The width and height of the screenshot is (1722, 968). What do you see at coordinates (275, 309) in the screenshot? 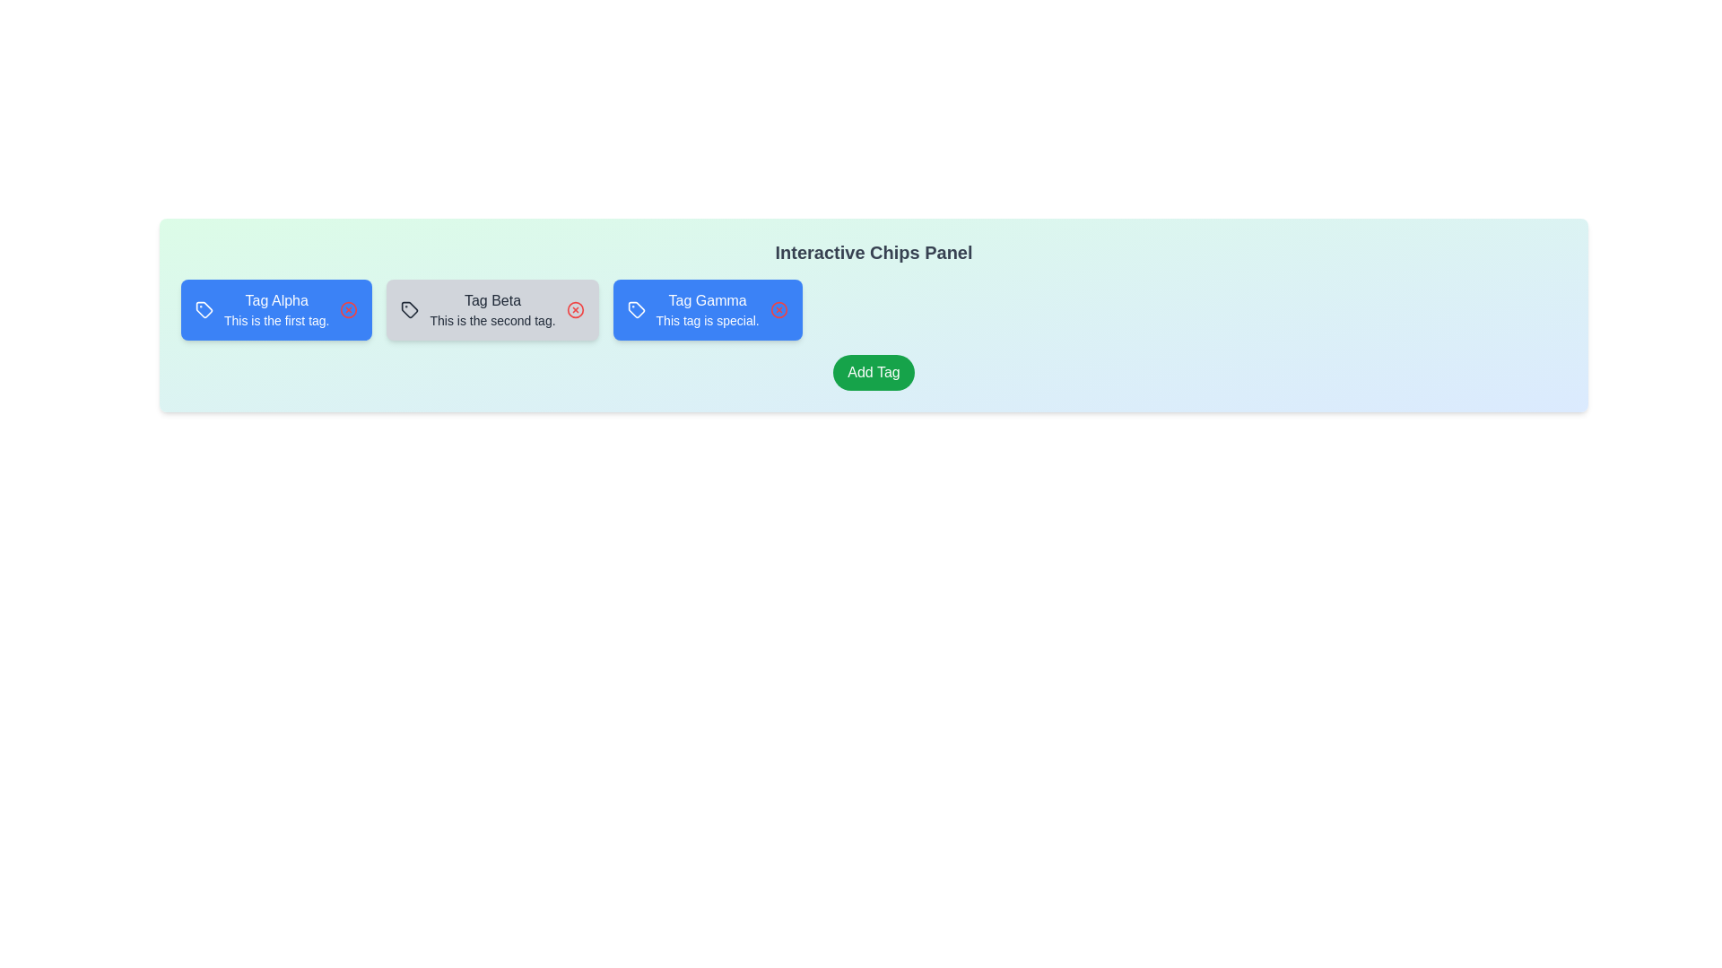
I see `the chip labeled Tag Alpha` at bounding box center [275, 309].